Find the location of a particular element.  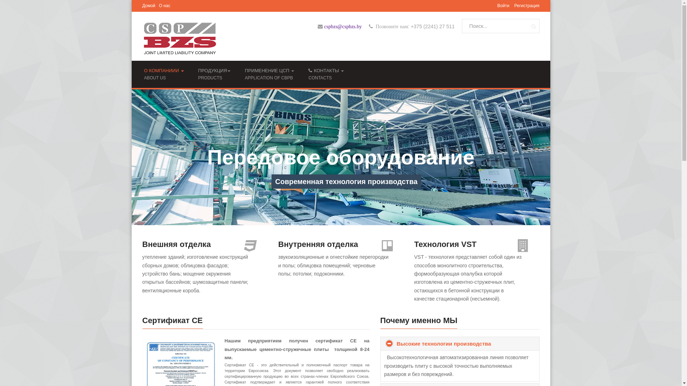

'cspbzs@cspbzs.by' is located at coordinates (342, 26).